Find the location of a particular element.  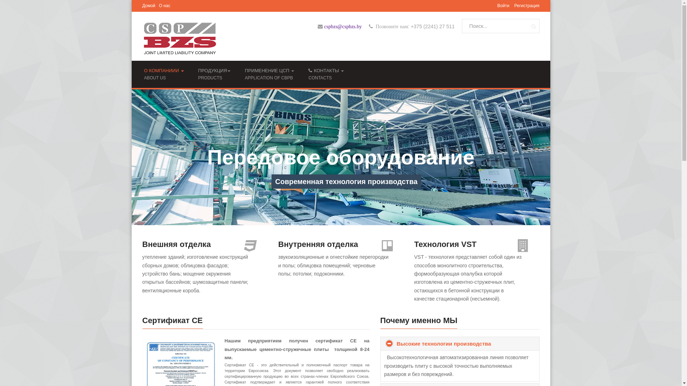

'cspbzs@cspbzs.by' is located at coordinates (342, 26).